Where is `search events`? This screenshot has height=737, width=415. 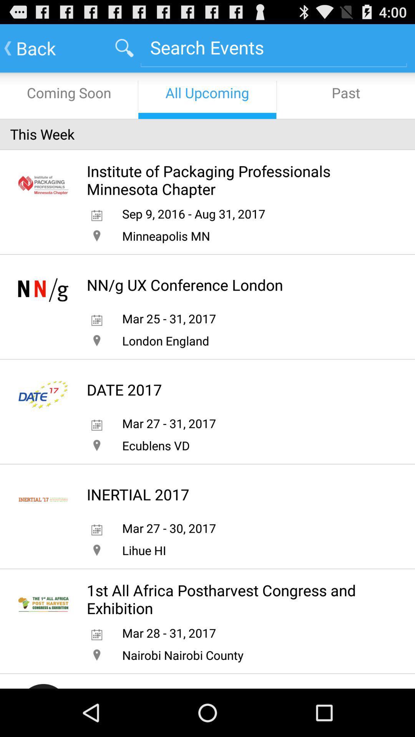
search events is located at coordinates (273, 47).